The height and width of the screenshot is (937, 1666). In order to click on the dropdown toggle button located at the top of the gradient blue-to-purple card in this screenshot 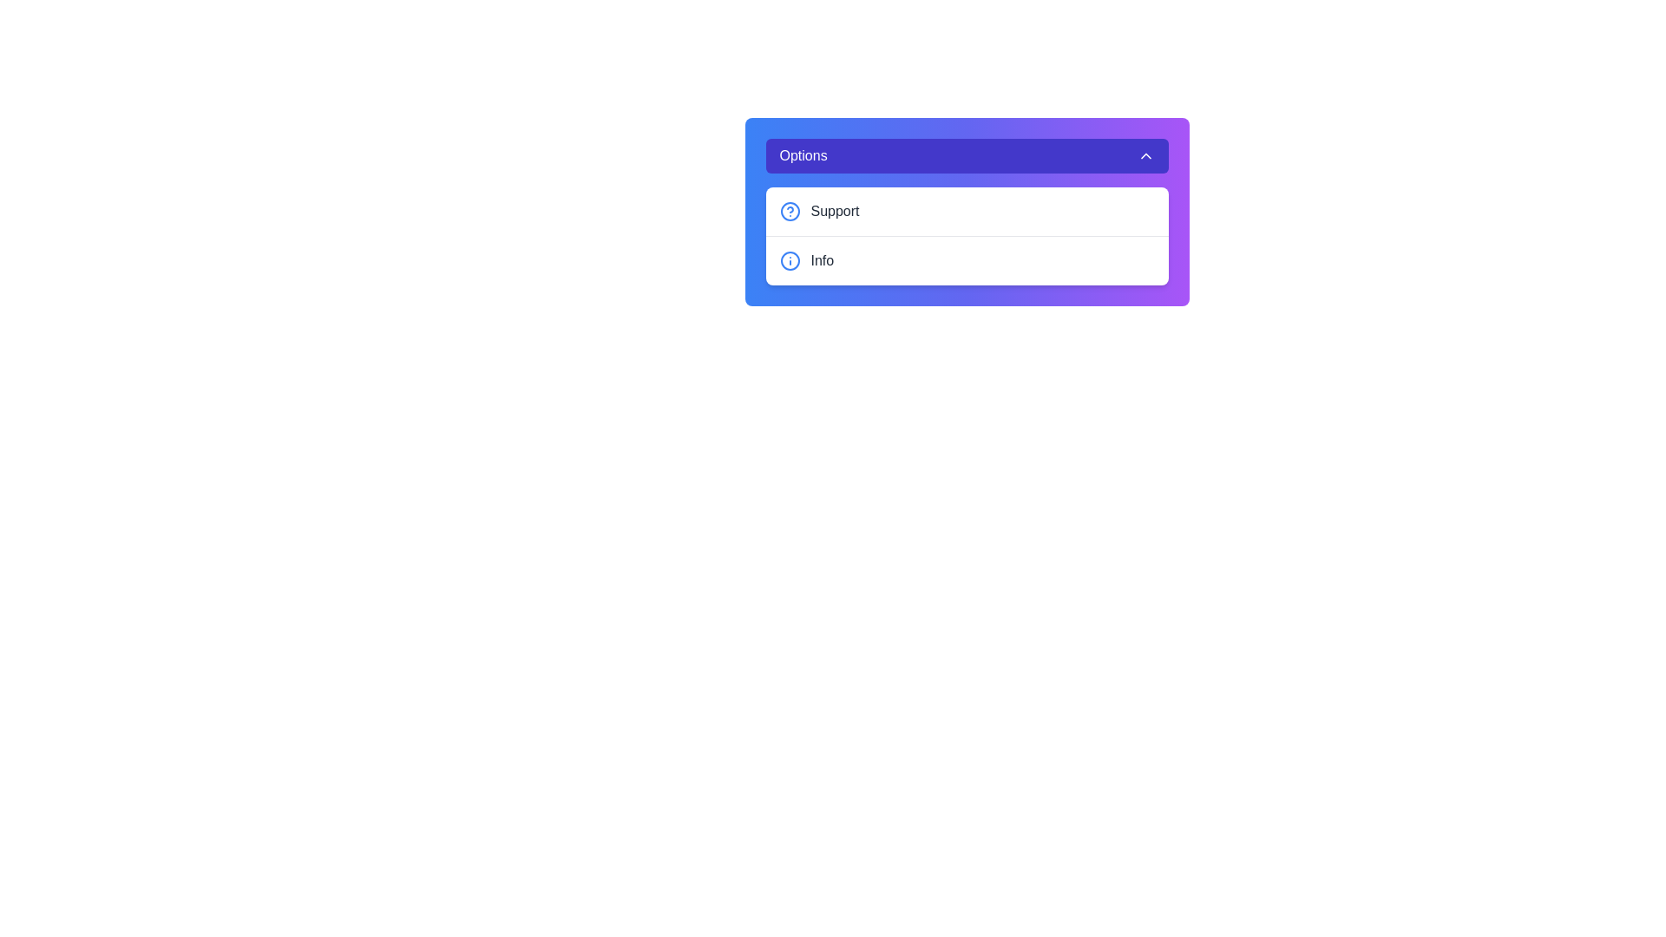, I will do `click(966, 156)`.